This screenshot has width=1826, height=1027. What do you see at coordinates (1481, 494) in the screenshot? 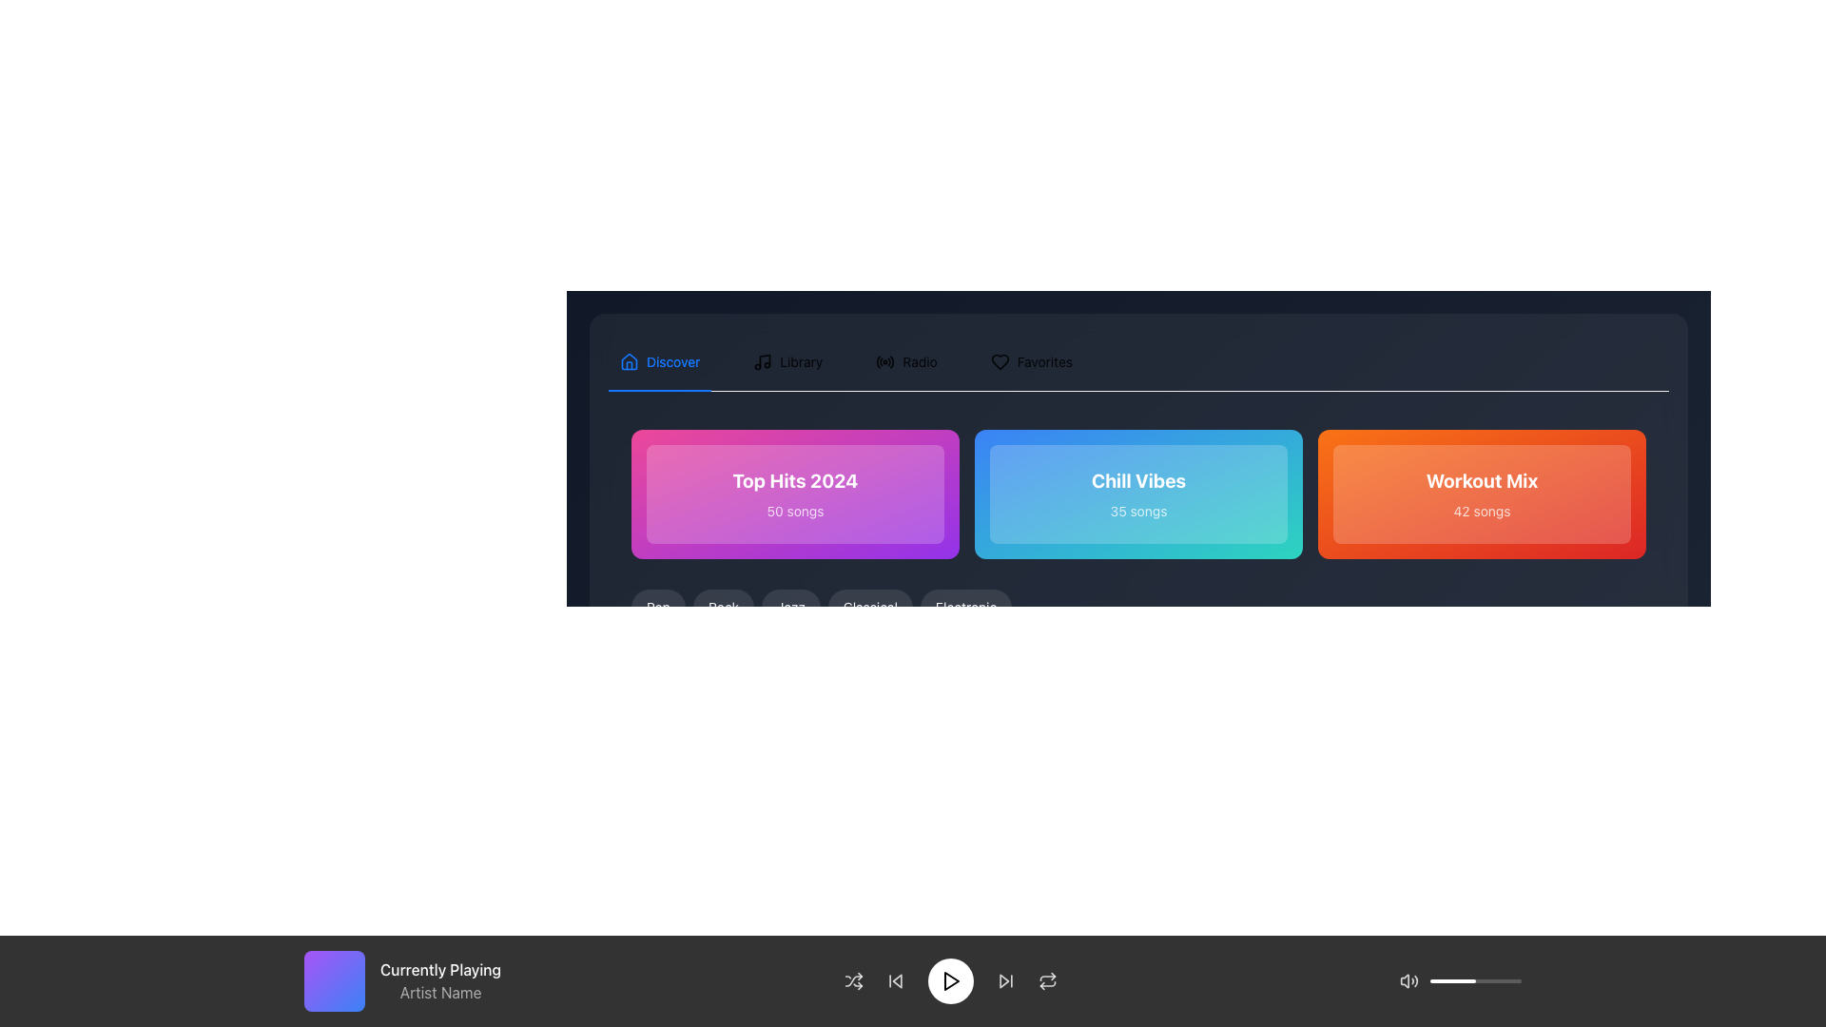
I see `the third clickable card labeled 'Workout Mix'` at bounding box center [1481, 494].